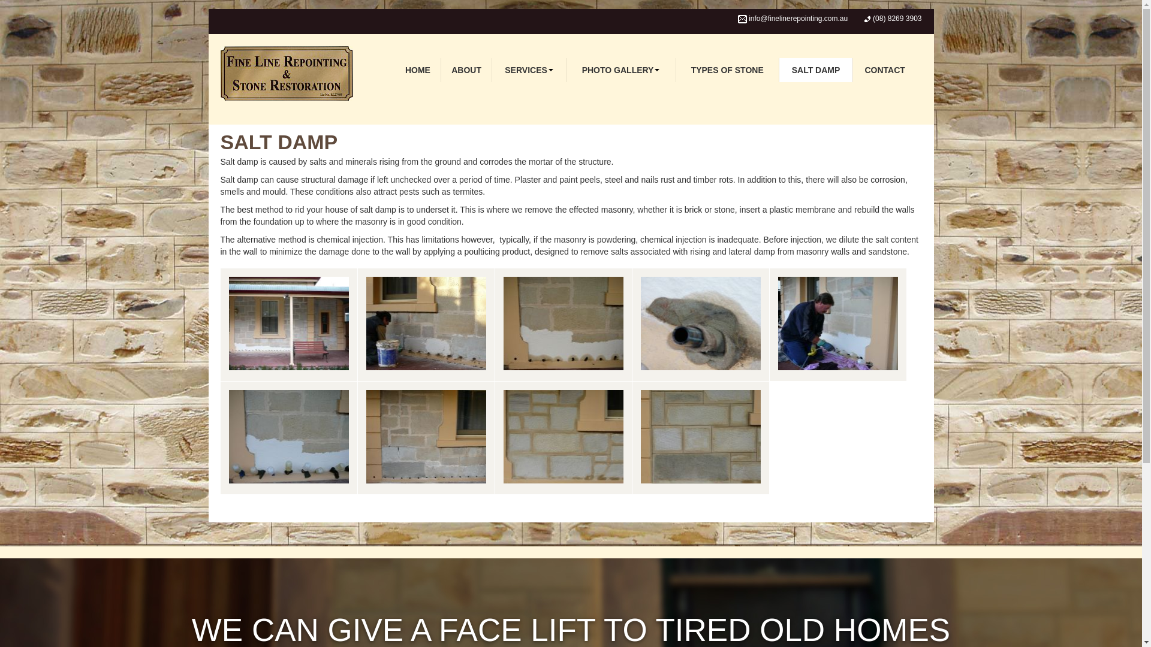 This screenshot has width=1151, height=647. What do you see at coordinates (798, 18) in the screenshot?
I see `'info@finelinerepointing.com.au'` at bounding box center [798, 18].